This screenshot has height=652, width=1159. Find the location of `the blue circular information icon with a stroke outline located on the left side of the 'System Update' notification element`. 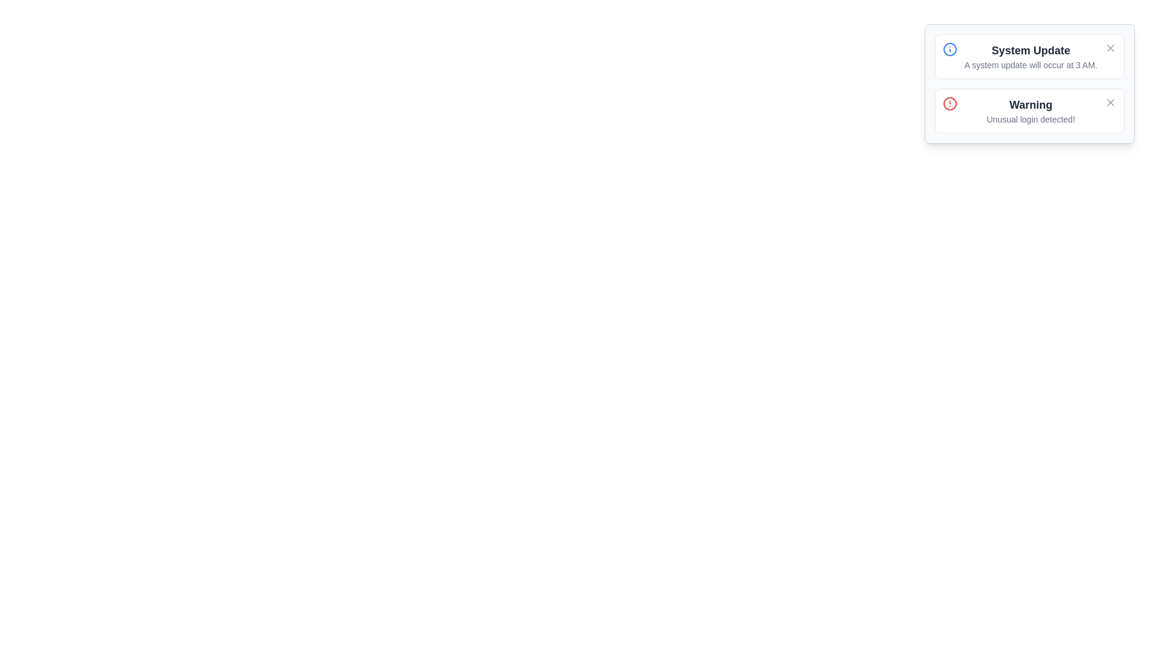

the blue circular information icon with a stroke outline located on the left side of the 'System Update' notification element is located at coordinates (949, 48).